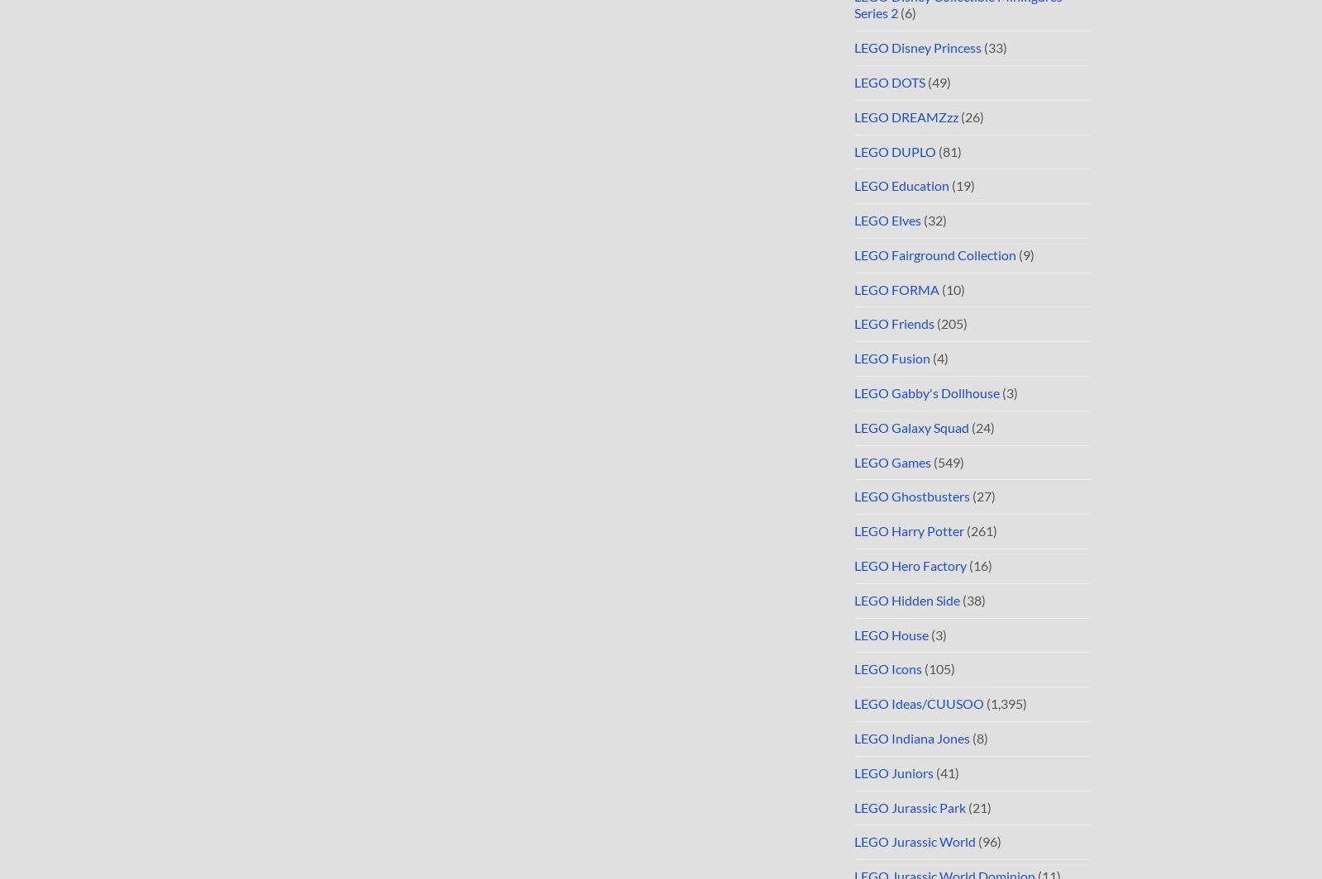 Image resolution: width=1322 pixels, height=879 pixels. Describe the element at coordinates (982, 496) in the screenshot. I see `'(27)'` at that location.